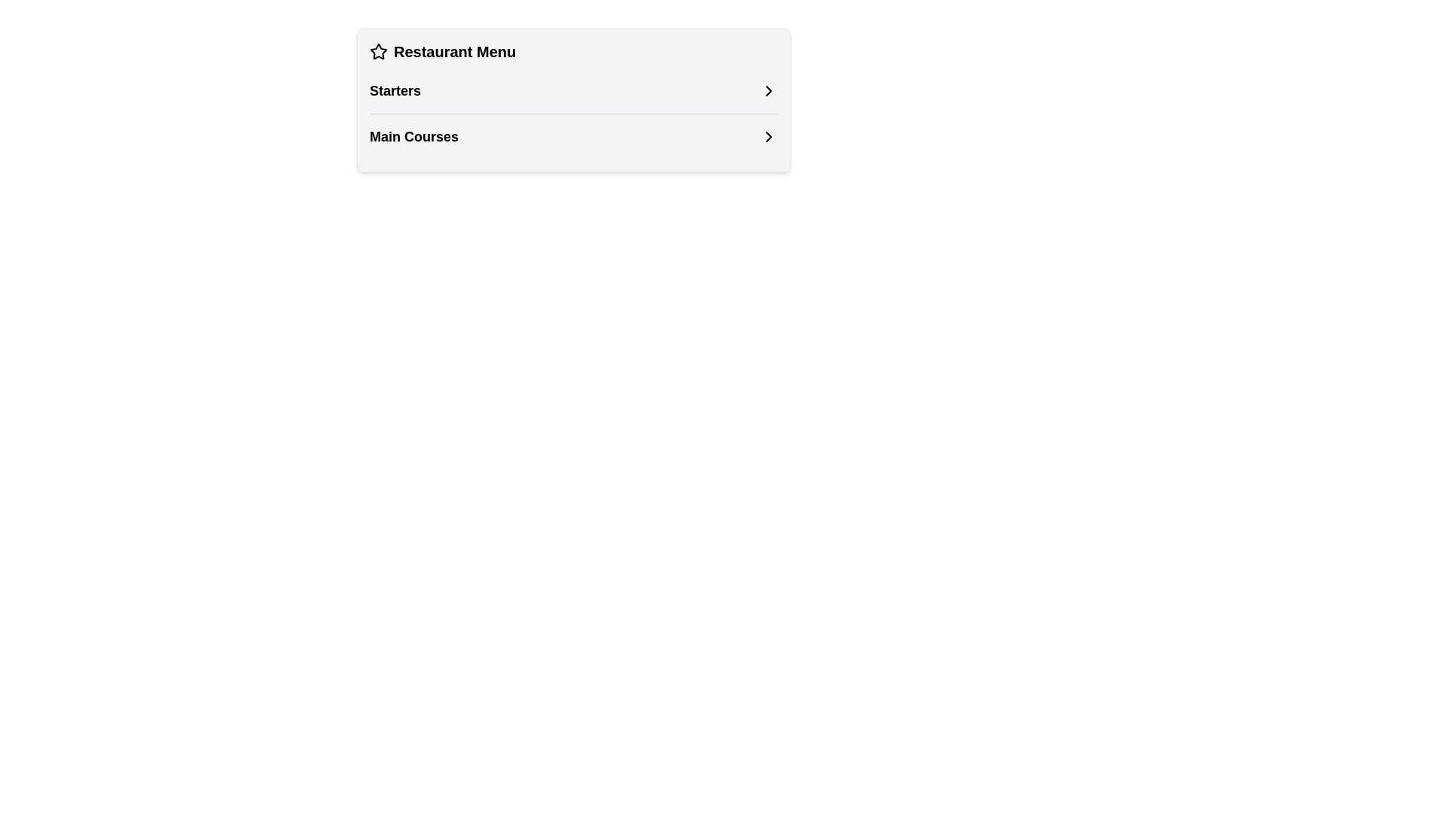 The height and width of the screenshot is (813, 1446). Describe the element at coordinates (379, 51) in the screenshot. I see `the star icon which enhances the 'Restaurant Menu' title, located at the top-left corner of the application layout` at that location.